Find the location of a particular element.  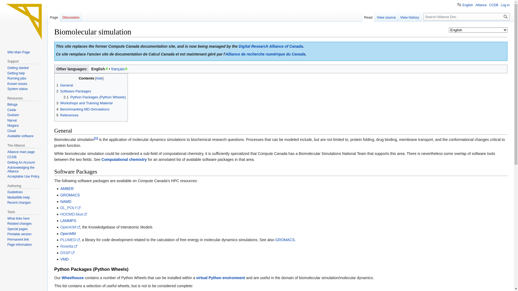

'1 General' is located at coordinates (64, 85).